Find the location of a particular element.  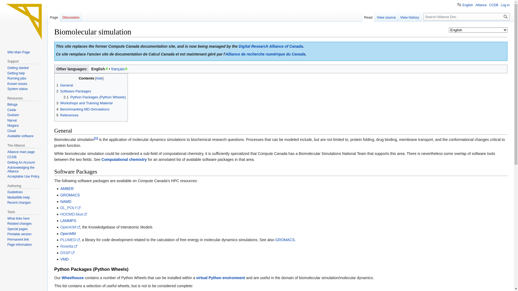

'1 General' is located at coordinates (64, 85).